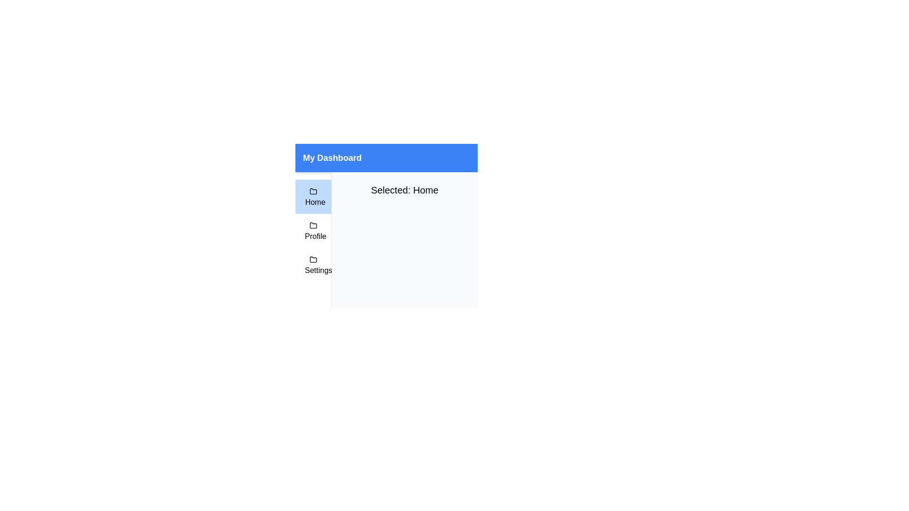 The height and width of the screenshot is (511, 909). What do you see at coordinates (313, 231) in the screenshot?
I see `the 'Profile' menu option, which is the second item in a vertical menu list` at bounding box center [313, 231].